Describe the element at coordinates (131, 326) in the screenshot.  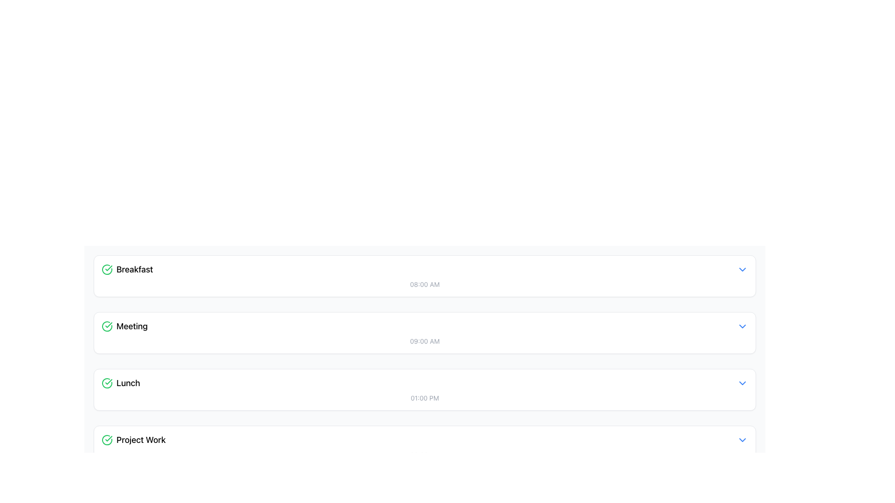
I see `the 'Meeting' text label, which is centrally placed in the second row of a list and is visually distinct with a medium-weight font and larger size` at that location.